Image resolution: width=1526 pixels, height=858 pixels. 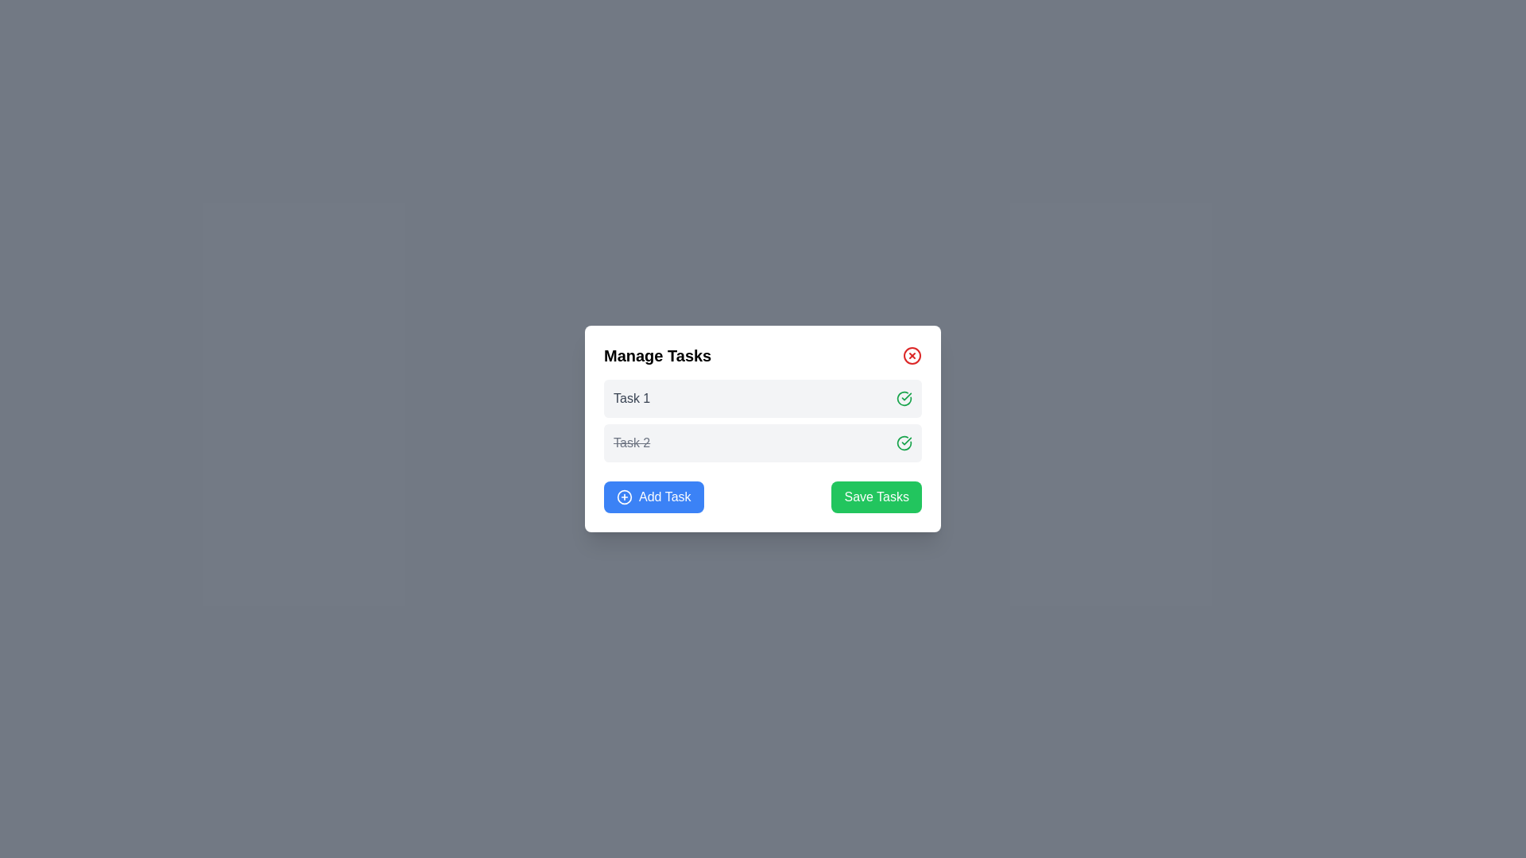 What do you see at coordinates (876, 496) in the screenshot?
I see `the green 'Save Tasks' button with rounded corners located in the lower right of the white card interface` at bounding box center [876, 496].